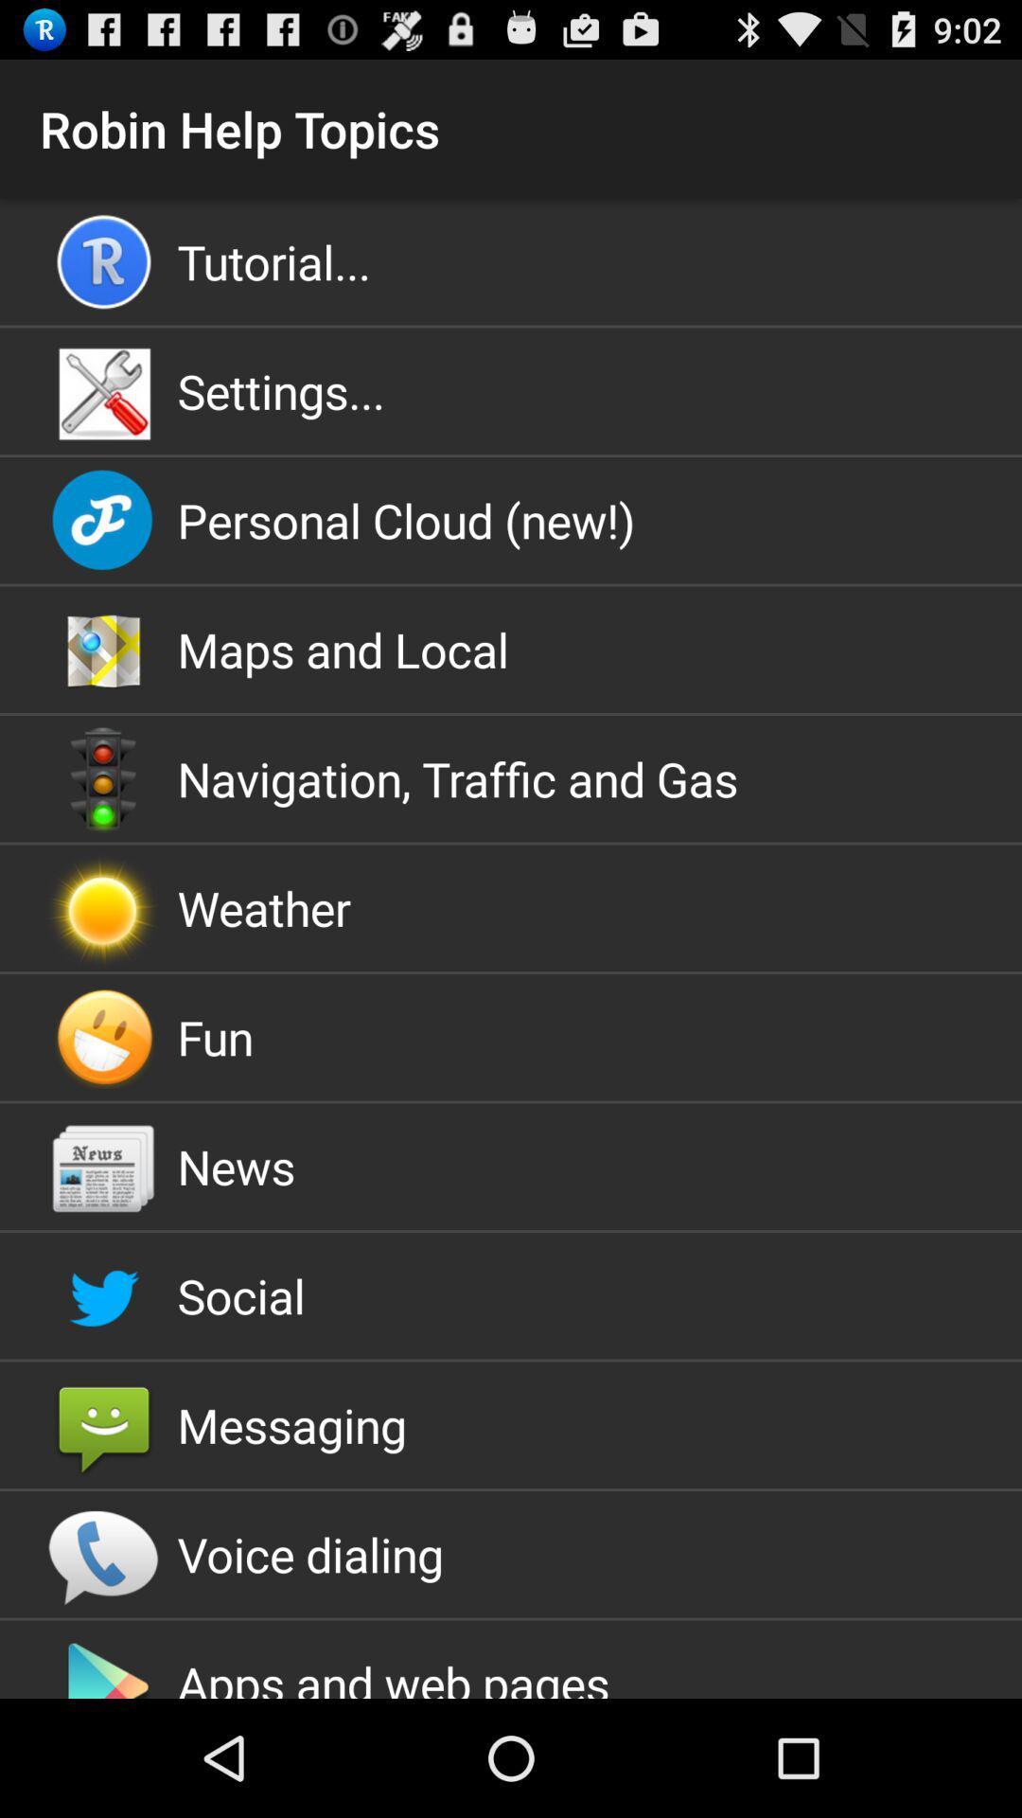 The image size is (1022, 1818). What do you see at coordinates (511, 390) in the screenshot?
I see `the icon above the  personal cloud (new!)` at bounding box center [511, 390].